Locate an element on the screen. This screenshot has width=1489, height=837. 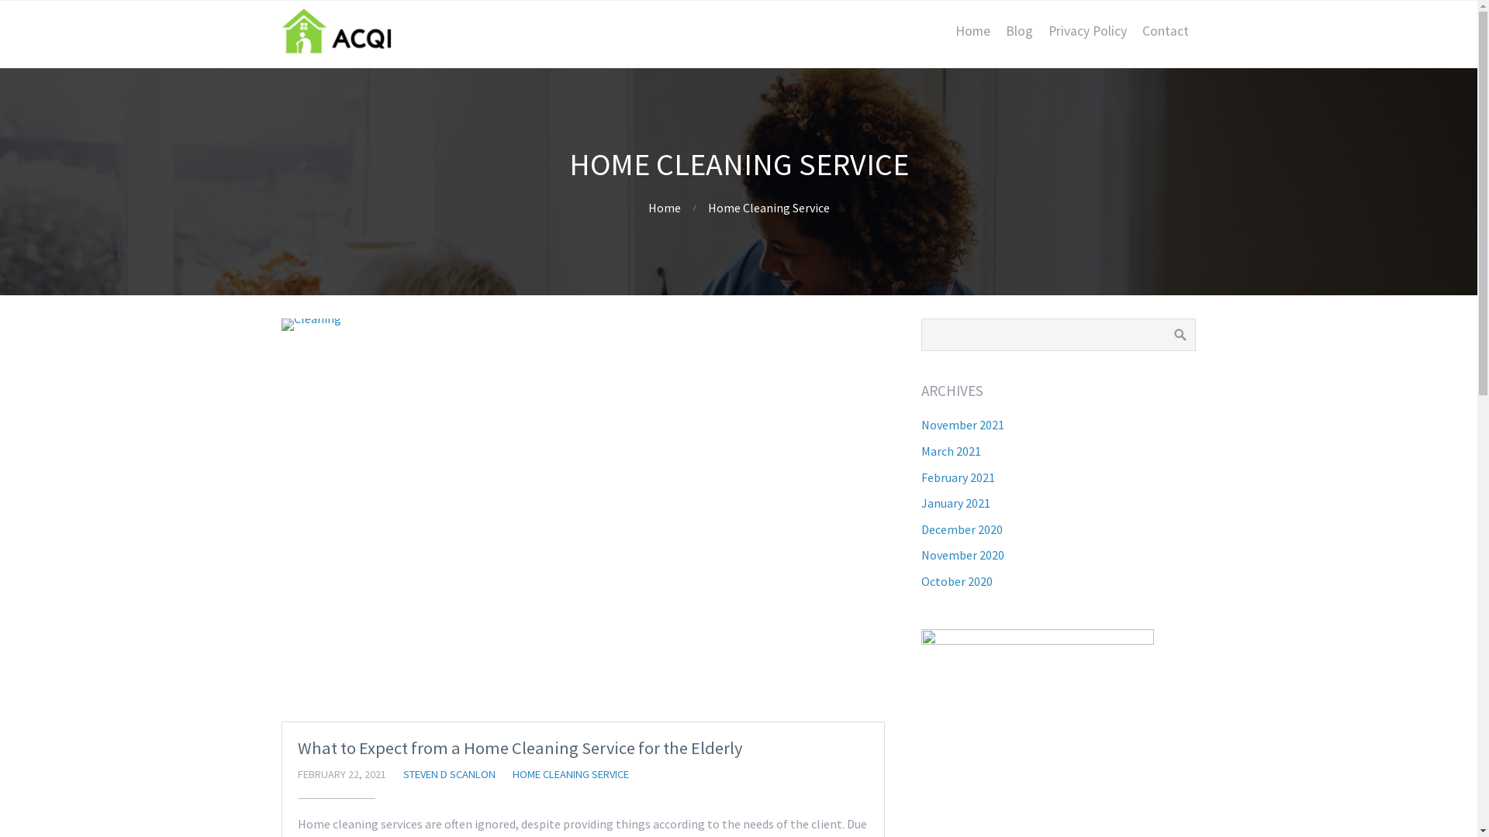
'January 2021' is located at coordinates (955, 502).